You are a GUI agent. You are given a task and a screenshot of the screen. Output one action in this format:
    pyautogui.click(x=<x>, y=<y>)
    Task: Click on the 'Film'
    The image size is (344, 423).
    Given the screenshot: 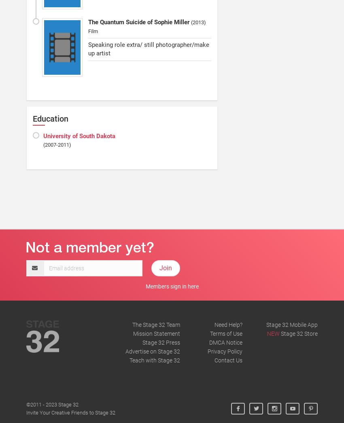 What is the action you would take?
    pyautogui.click(x=88, y=31)
    